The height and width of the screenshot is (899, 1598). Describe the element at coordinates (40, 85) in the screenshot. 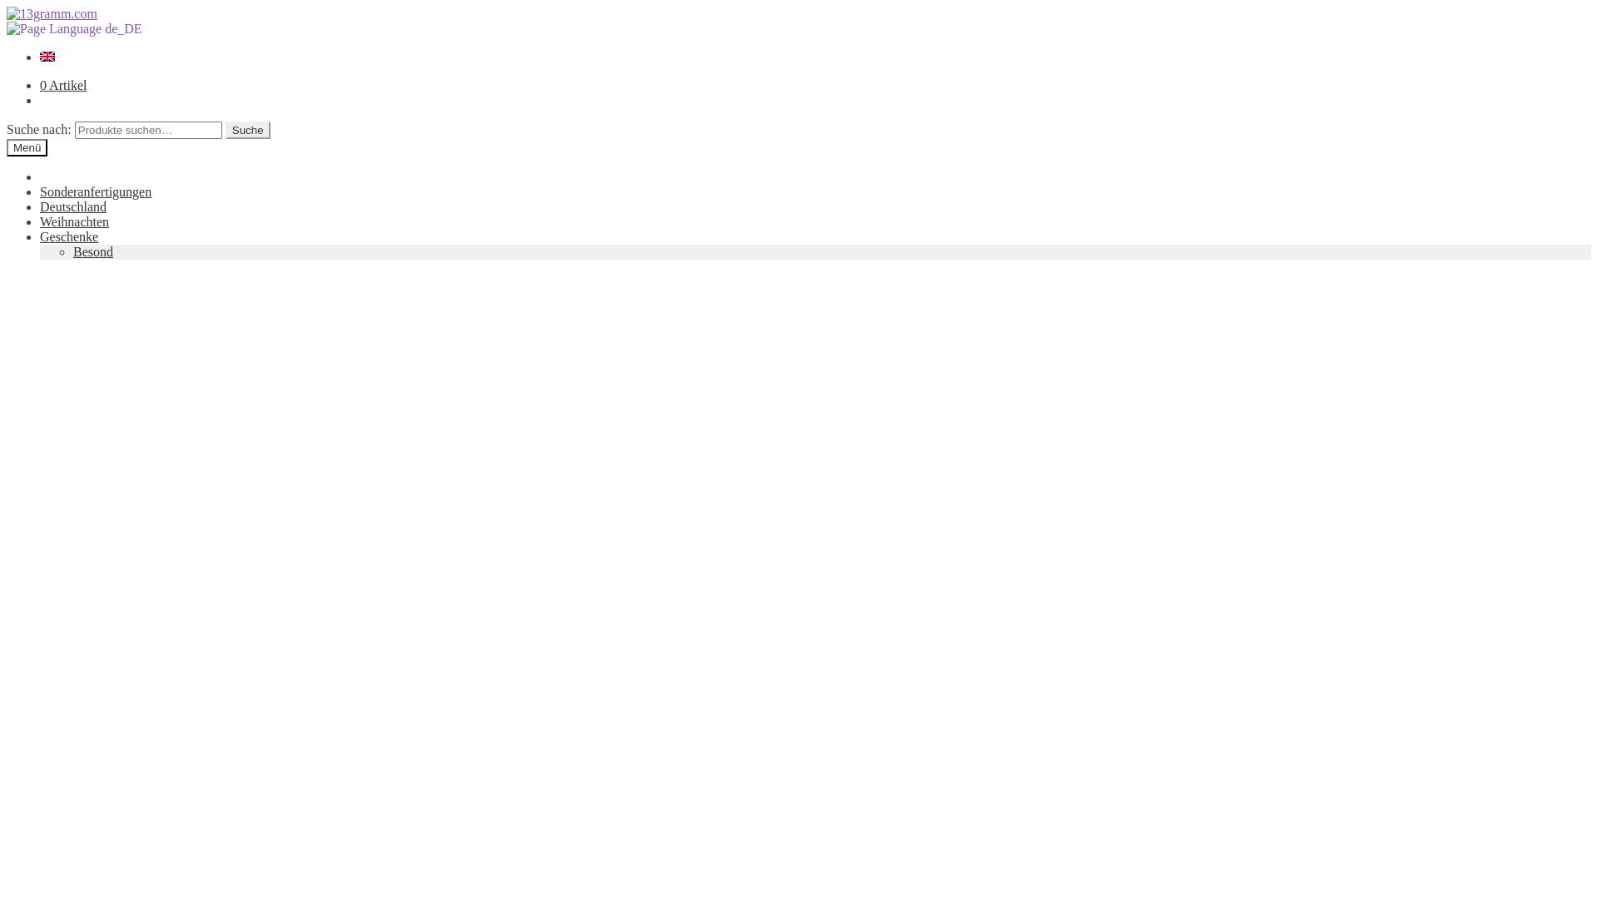

I see `'0 Artikel'` at that location.